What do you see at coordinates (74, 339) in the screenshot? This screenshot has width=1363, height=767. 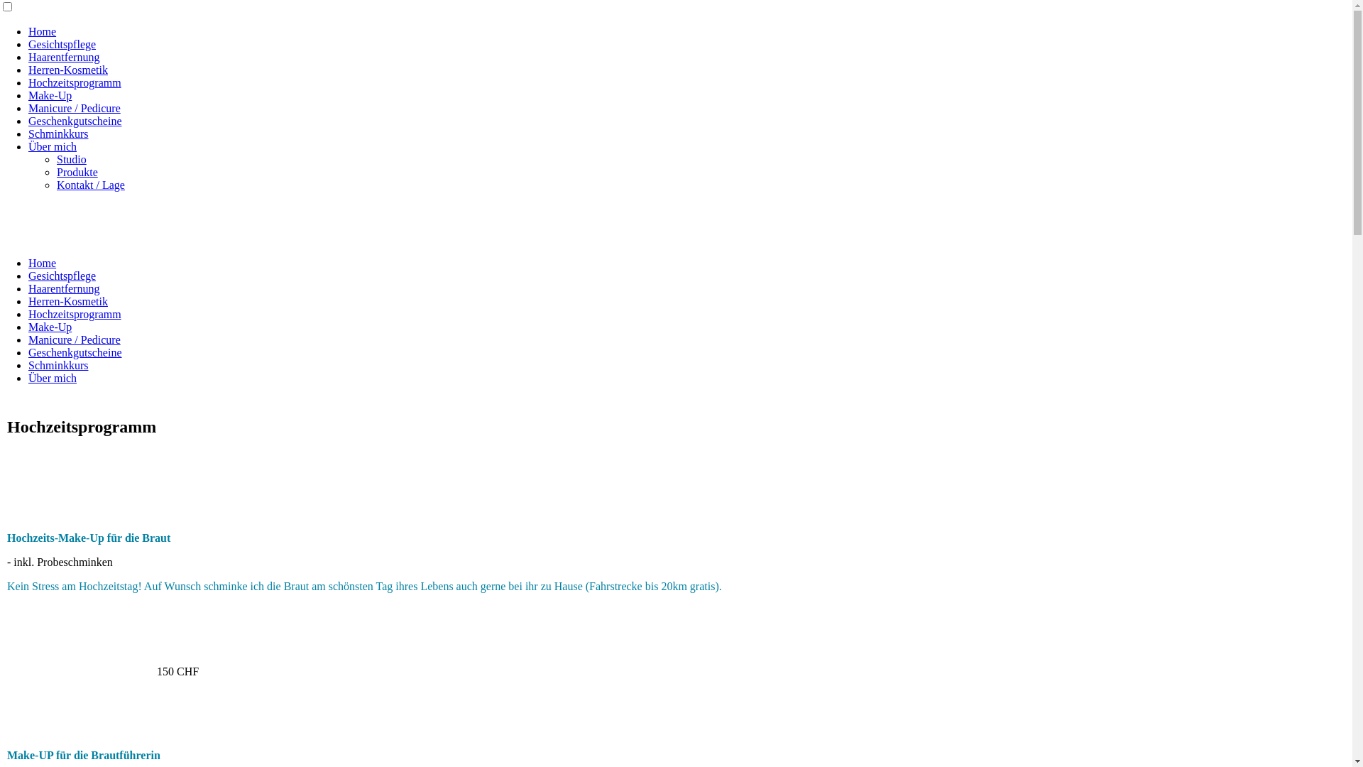 I see `'Manicure / Pedicure'` at bounding box center [74, 339].